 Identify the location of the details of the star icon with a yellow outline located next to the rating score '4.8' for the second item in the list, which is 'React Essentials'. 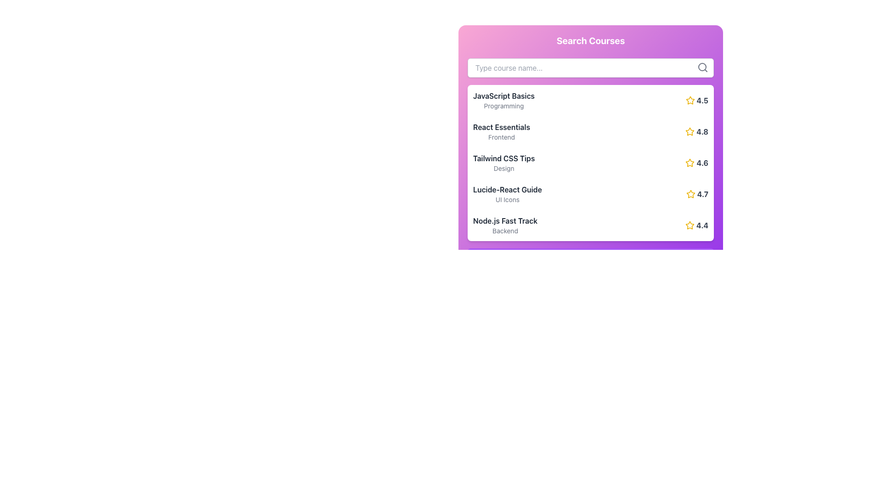
(690, 131).